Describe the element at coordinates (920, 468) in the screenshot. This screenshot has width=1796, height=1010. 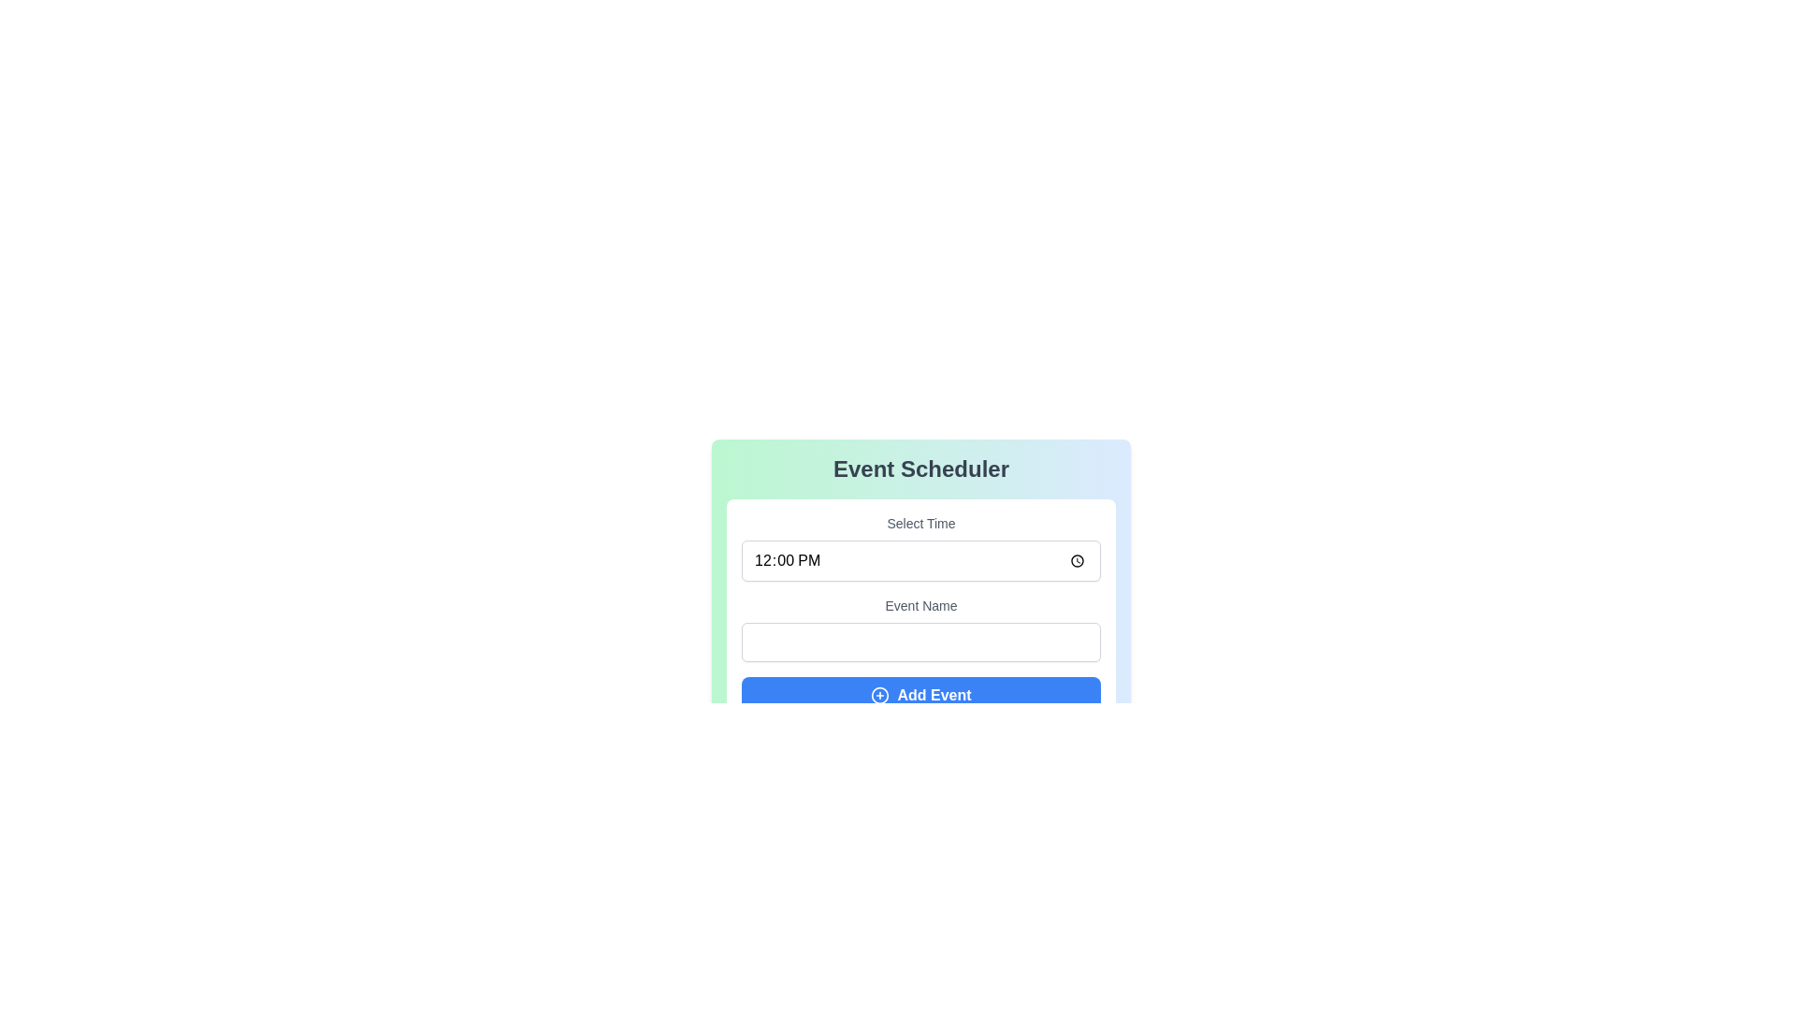
I see `the header text element displaying 'Event Scheduler', which is a large bold gray font centered above the main content area` at that location.